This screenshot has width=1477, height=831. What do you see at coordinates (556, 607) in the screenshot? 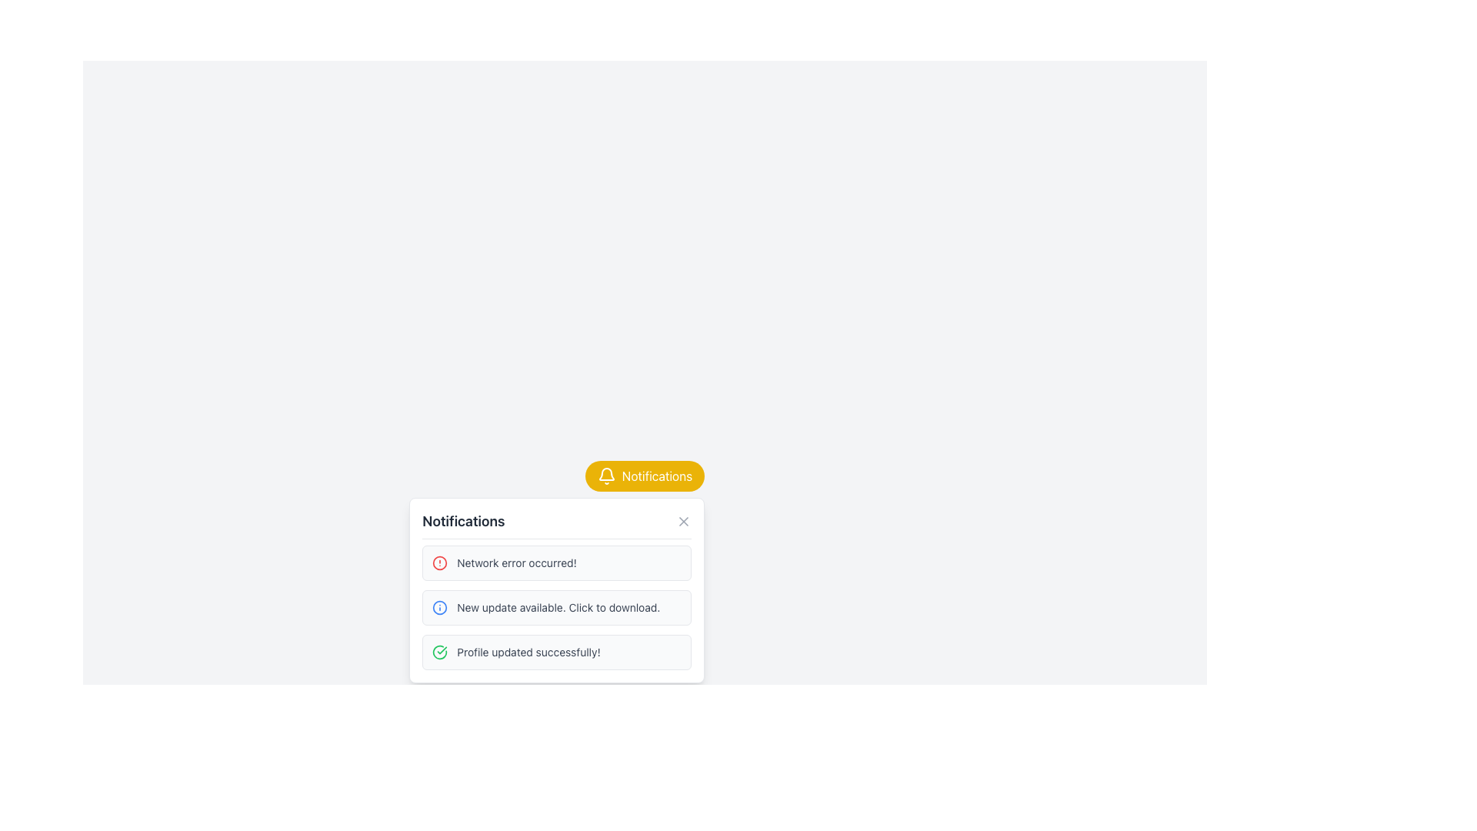
I see `the notification bar that displays 'New update available. Click to download.'` at bounding box center [556, 607].